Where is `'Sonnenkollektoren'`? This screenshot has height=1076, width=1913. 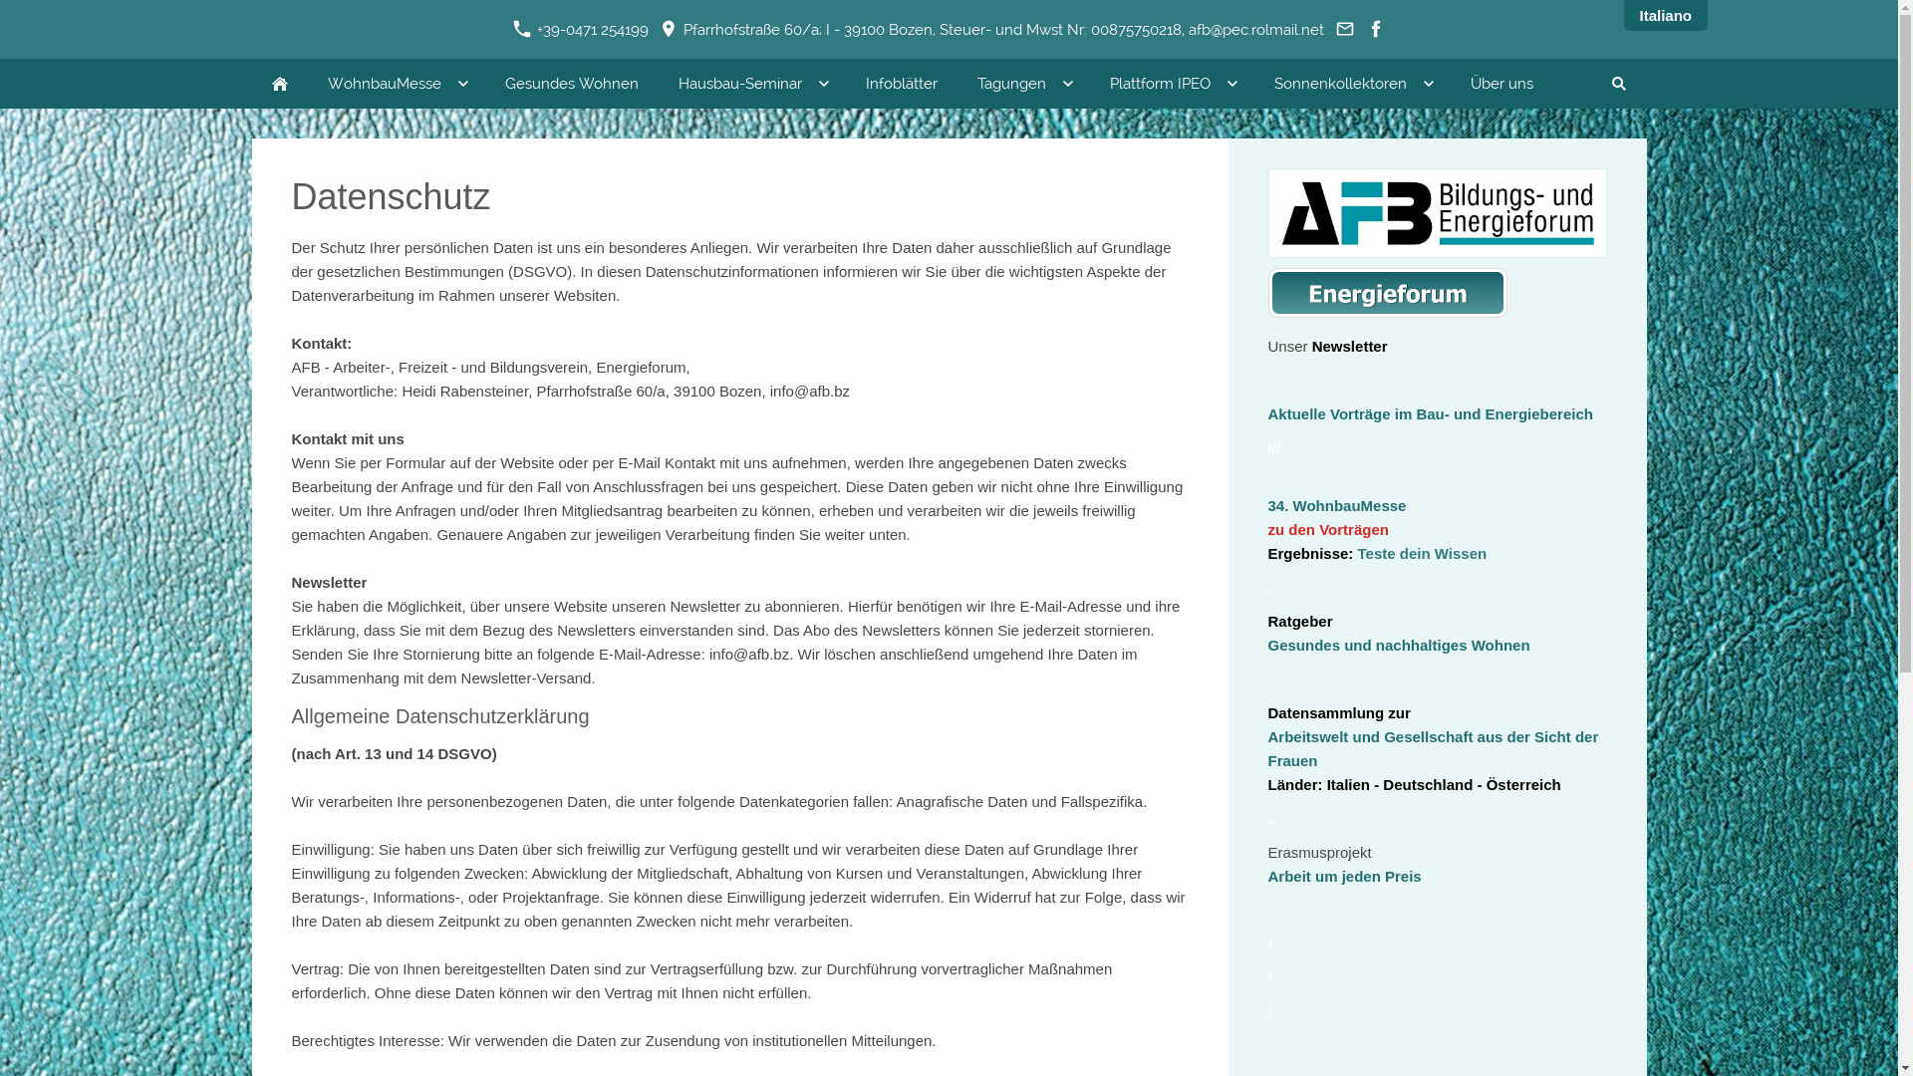
'Sonnenkollektoren' is located at coordinates (1351, 83).